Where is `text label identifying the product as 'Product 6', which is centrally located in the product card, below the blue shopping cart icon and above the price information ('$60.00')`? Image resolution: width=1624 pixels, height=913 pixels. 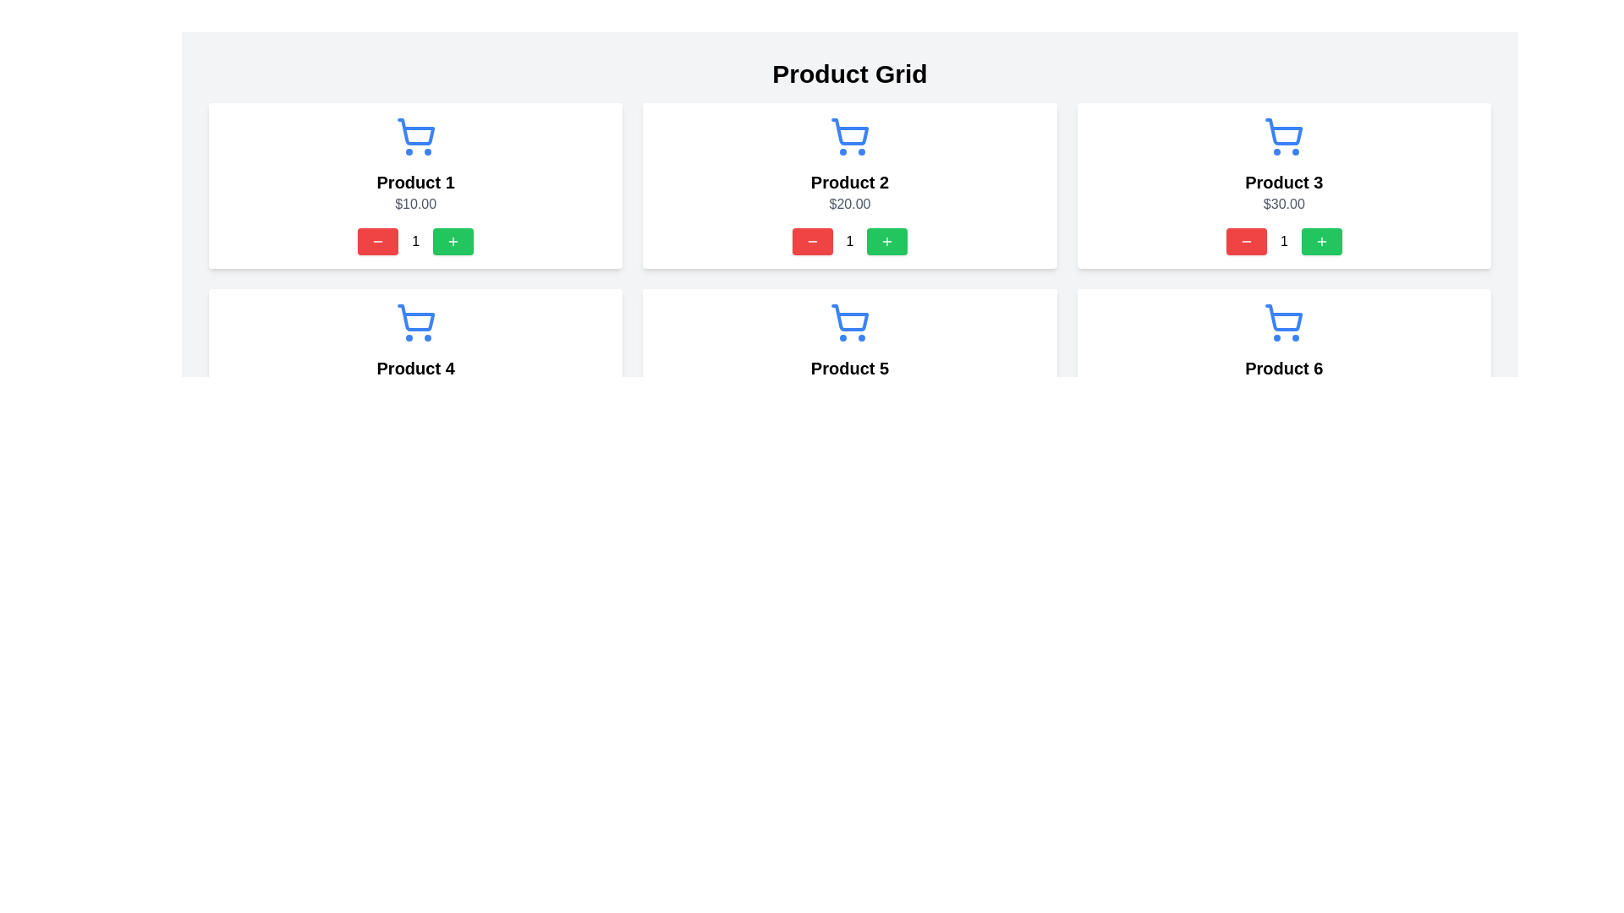 text label identifying the product as 'Product 6', which is centrally located in the product card, below the blue shopping cart icon and above the price information ('$60.00') is located at coordinates (1284, 367).